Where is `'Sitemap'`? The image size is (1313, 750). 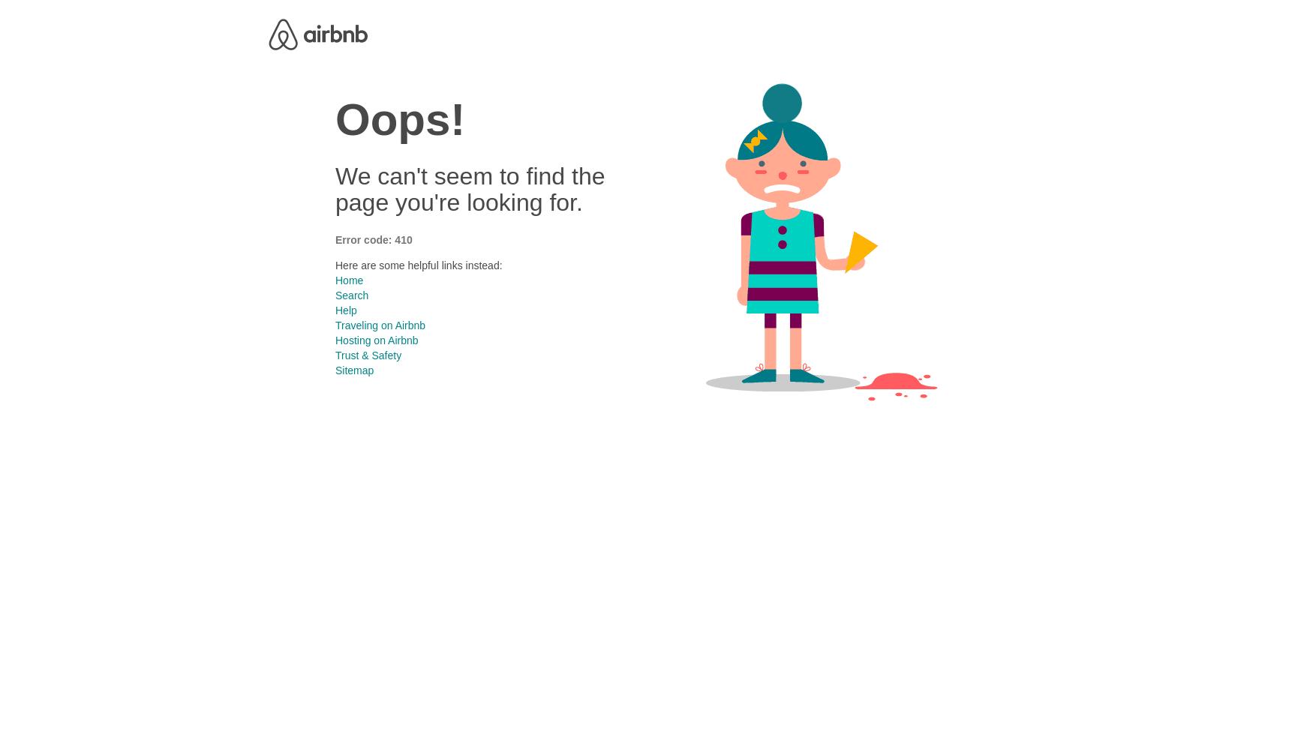
'Sitemap' is located at coordinates (354, 369).